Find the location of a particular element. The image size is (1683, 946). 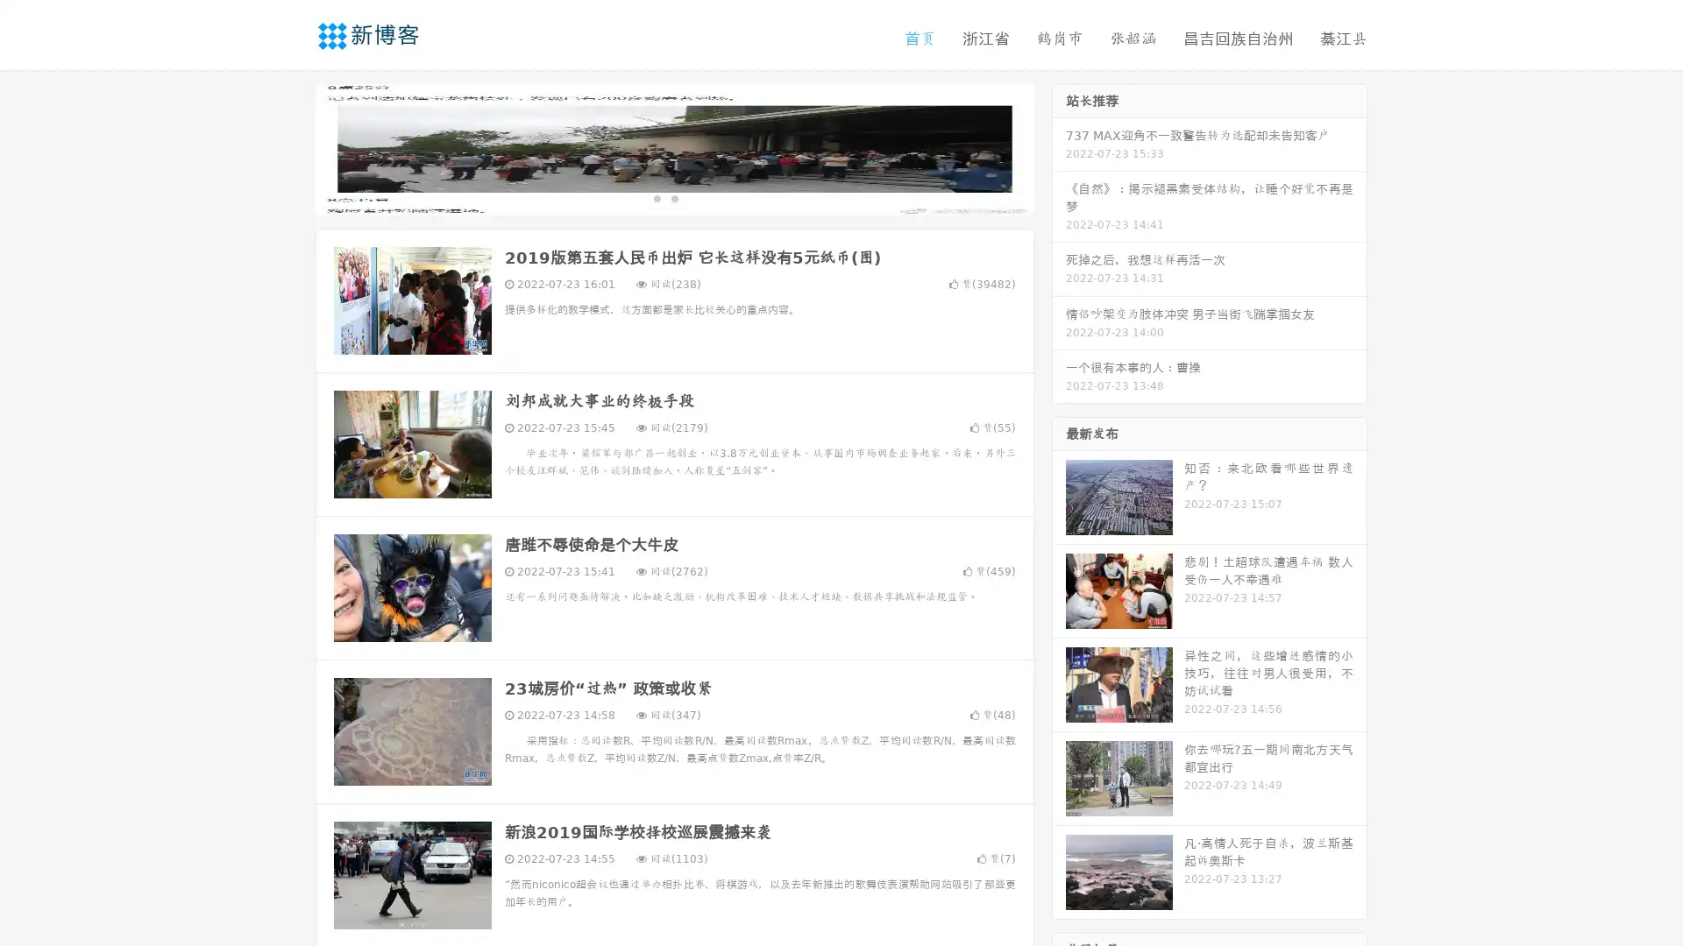

Go to slide 3 is located at coordinates (692, 197).